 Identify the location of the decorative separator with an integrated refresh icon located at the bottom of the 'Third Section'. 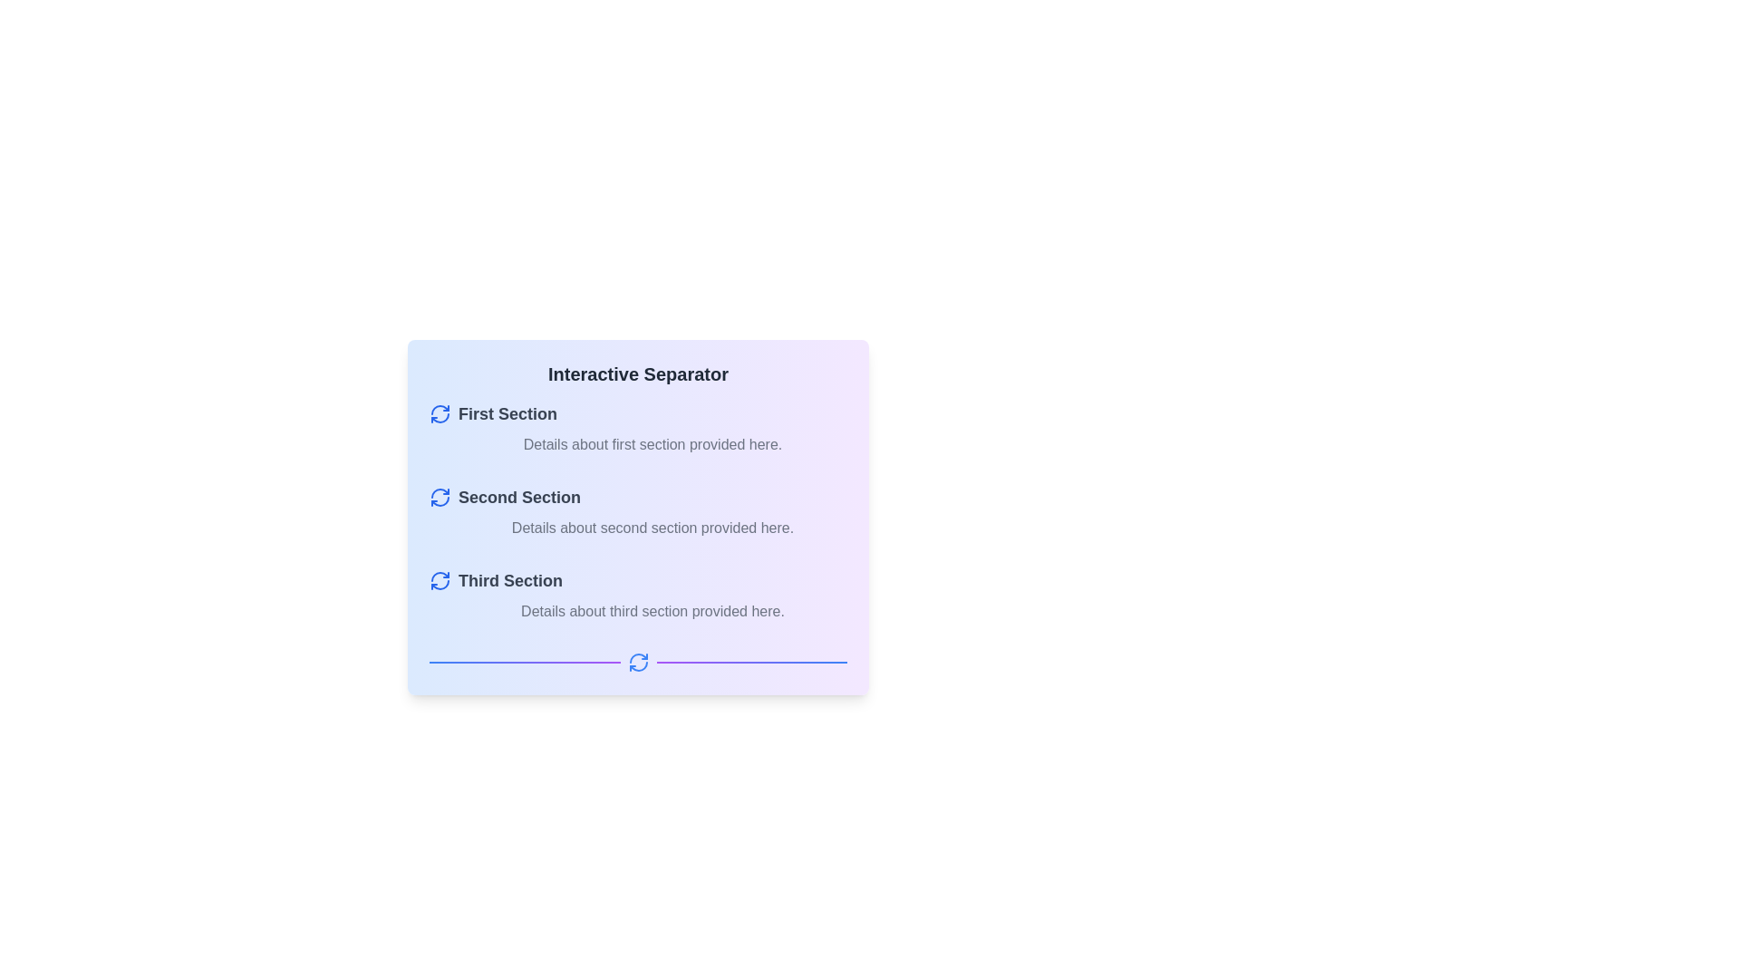
(638, 663).